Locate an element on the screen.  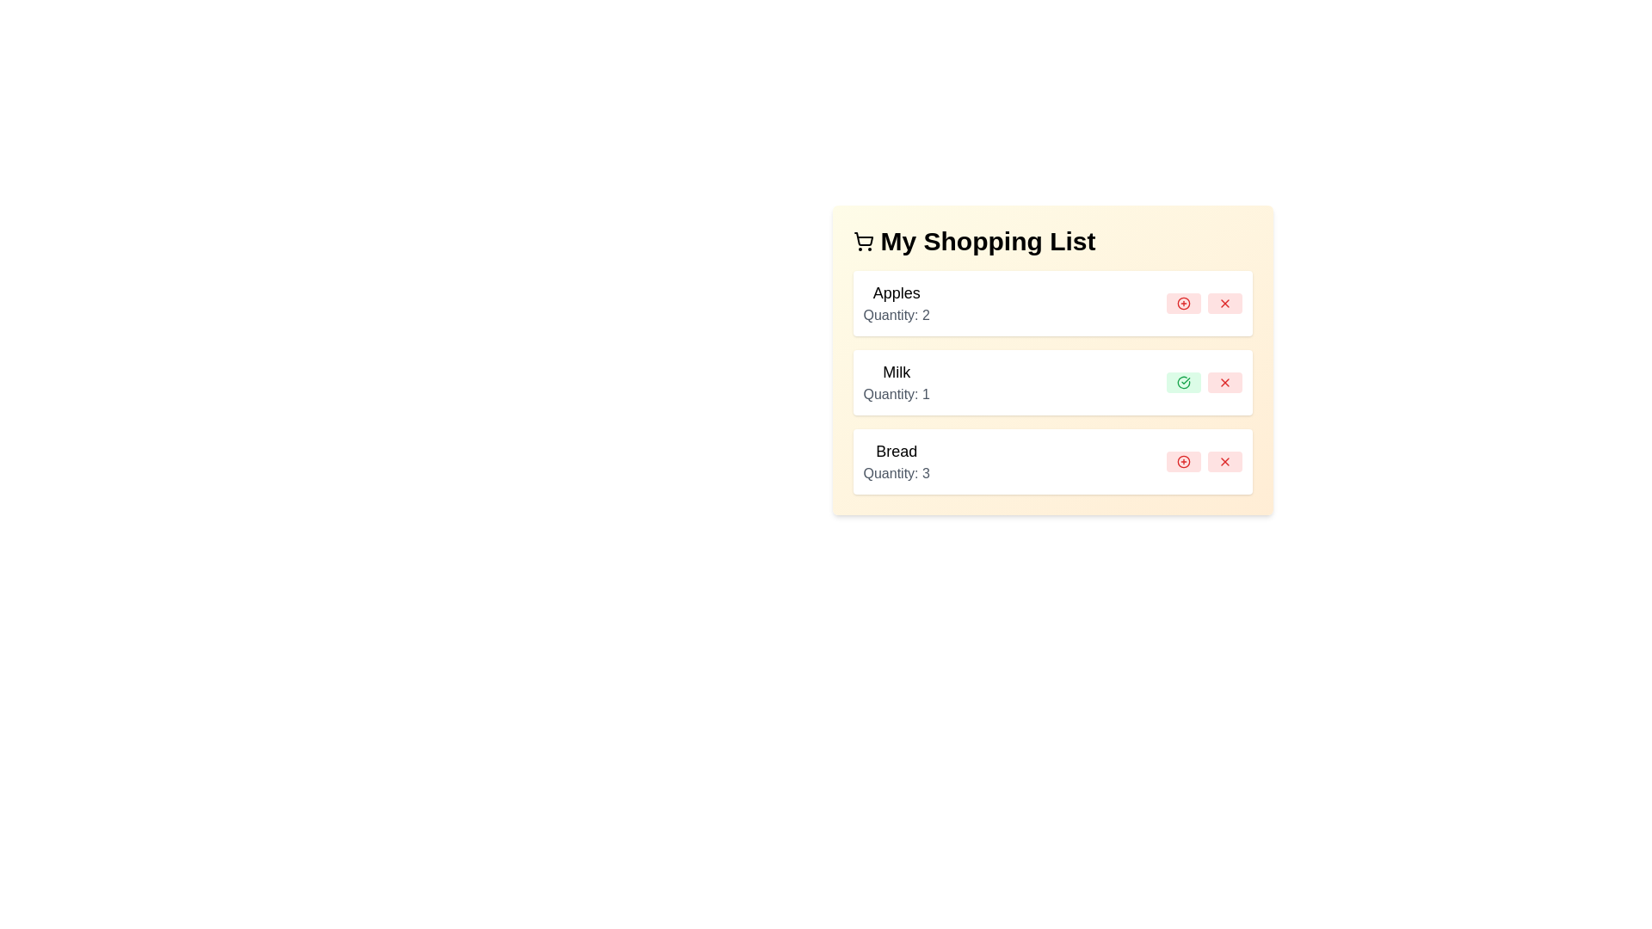
remove button for the item with name Bread is located at coordinates (1224, 460).